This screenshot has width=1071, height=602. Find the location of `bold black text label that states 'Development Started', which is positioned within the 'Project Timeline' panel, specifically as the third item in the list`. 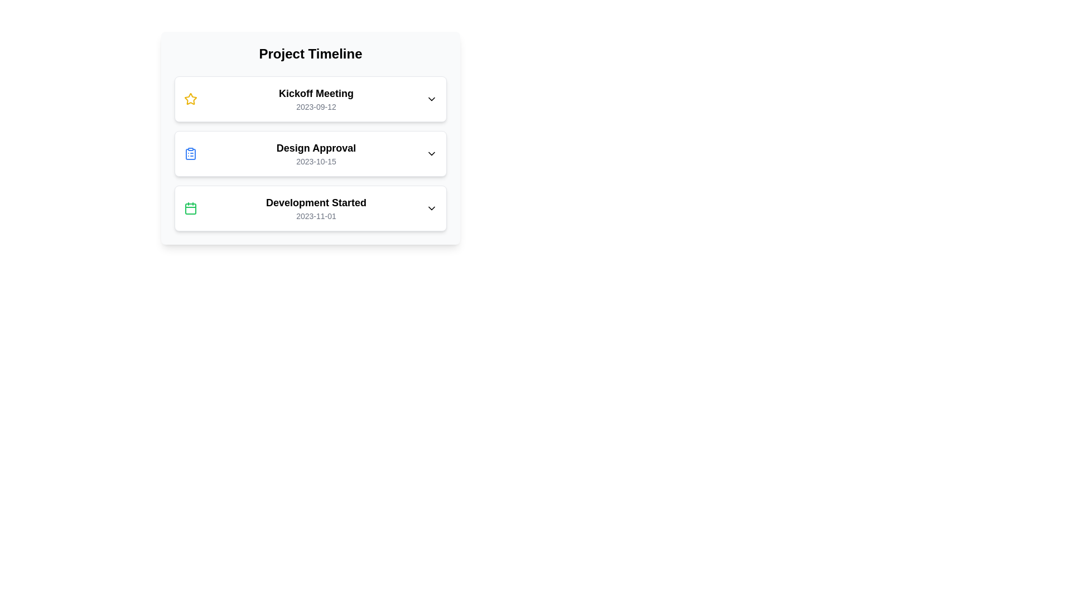

bold black text label that states 'Development Started', which is positioned within the 'Project Timeline' panel, specifically as the third item in the list is located at coordinates (315, 202).